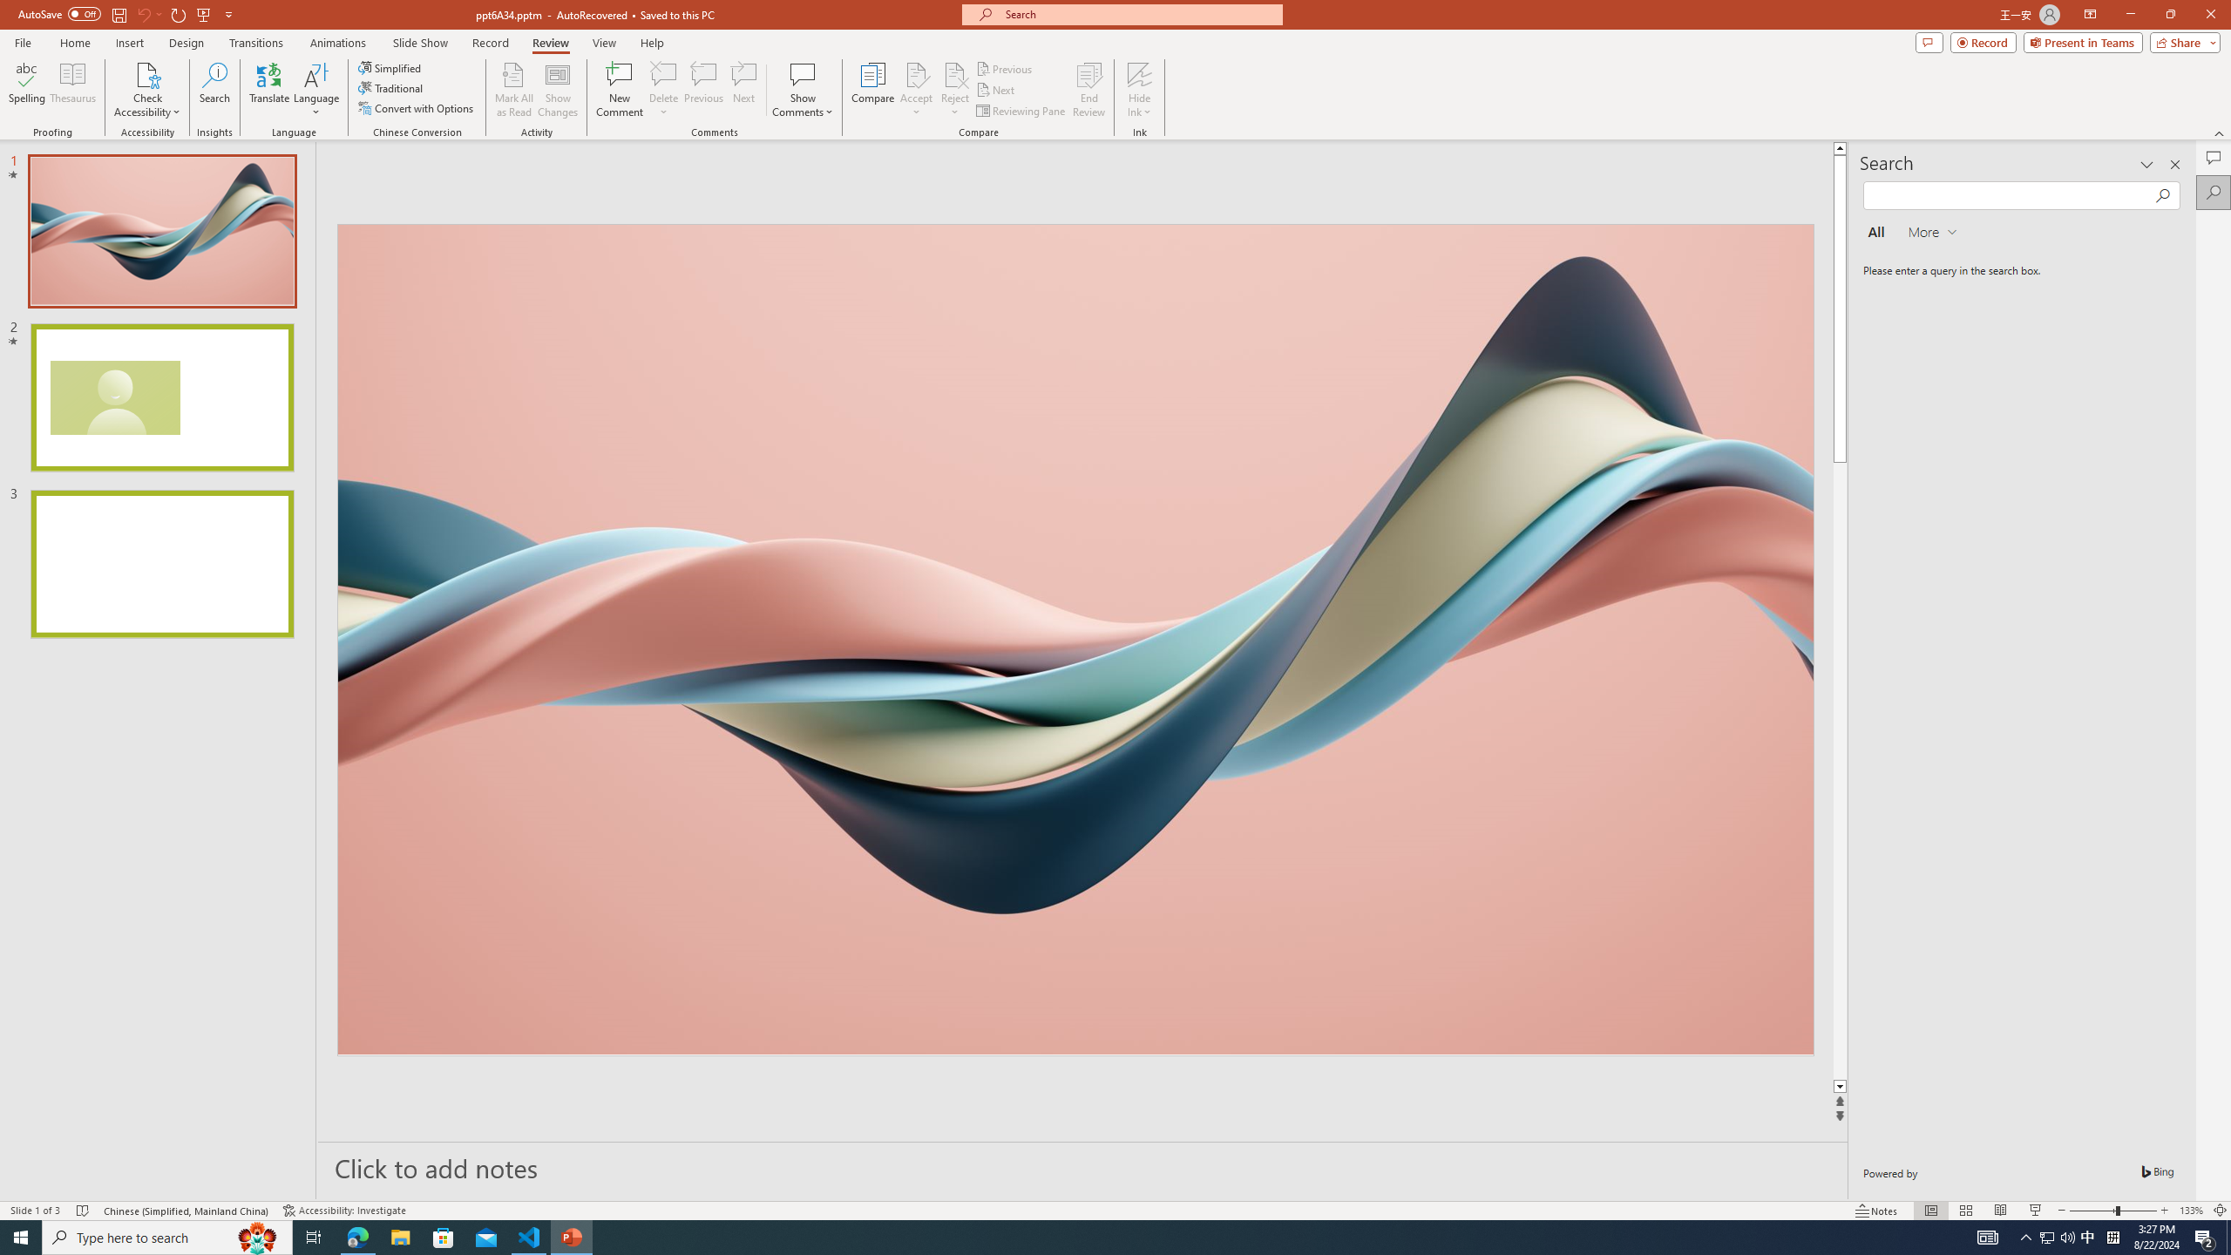  I want to click on 'Next', so click(995, 90).